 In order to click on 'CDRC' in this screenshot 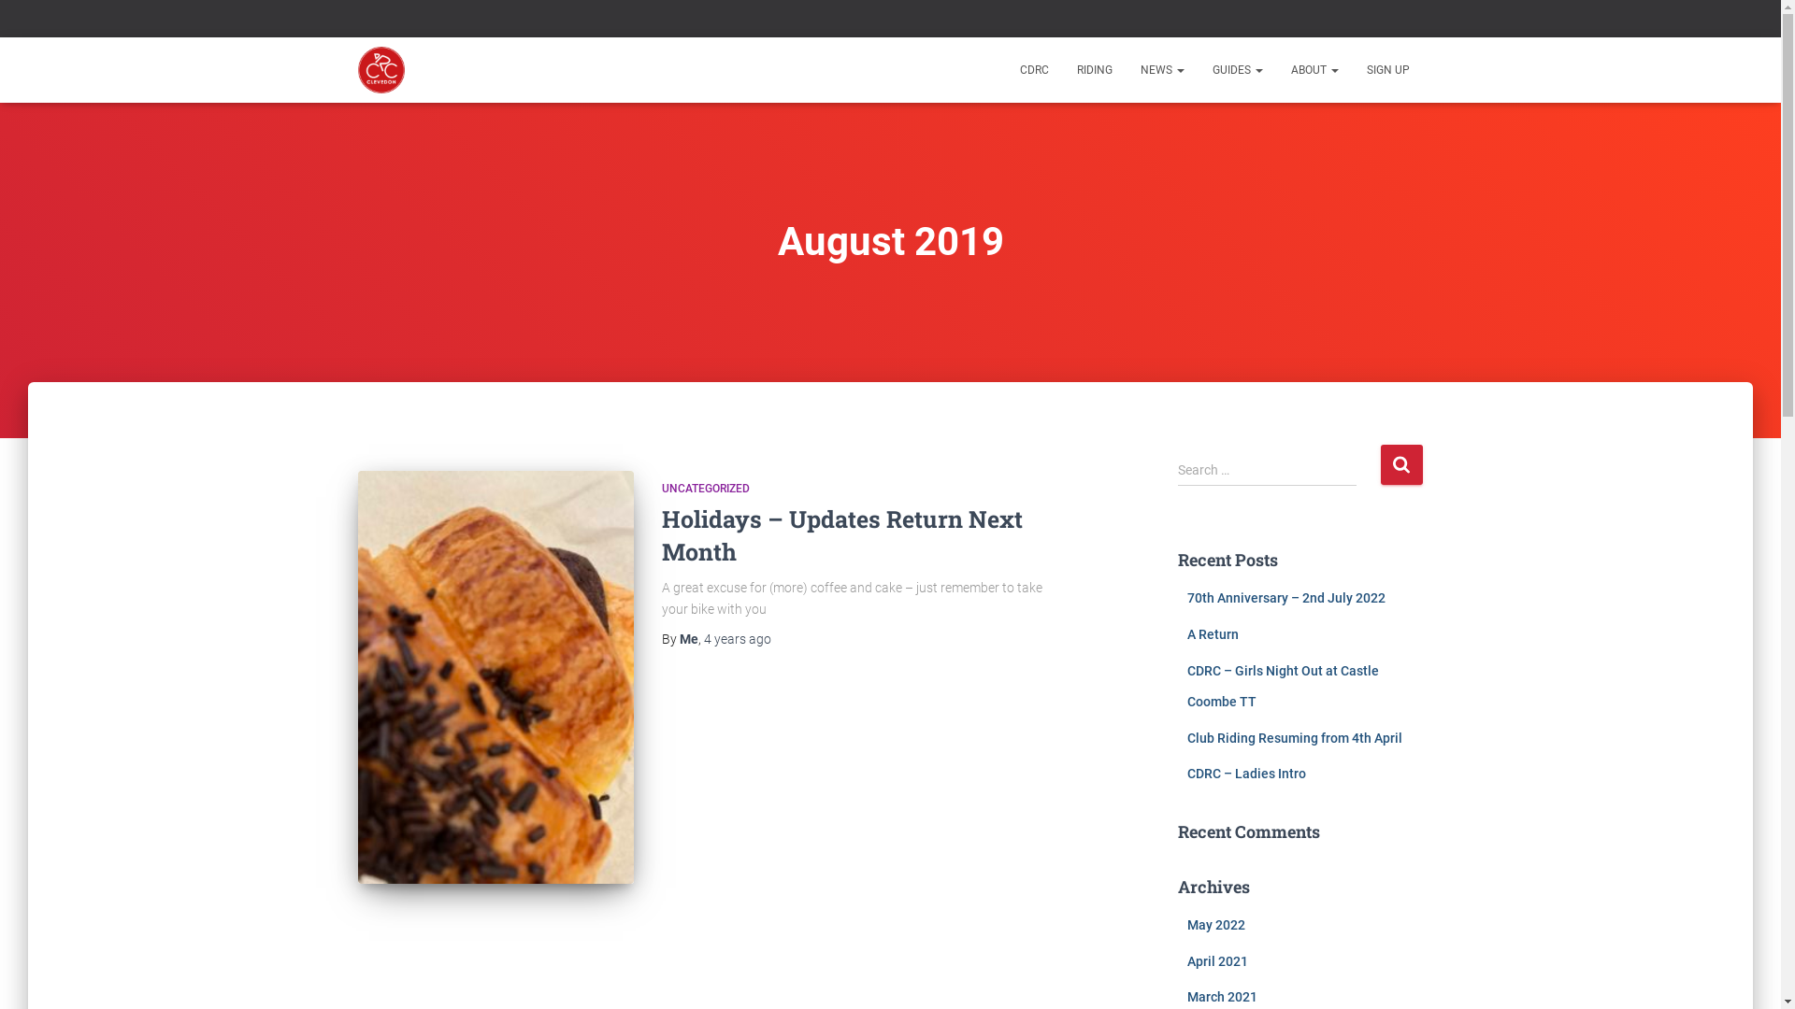, I will do `click(1033, 68)`.